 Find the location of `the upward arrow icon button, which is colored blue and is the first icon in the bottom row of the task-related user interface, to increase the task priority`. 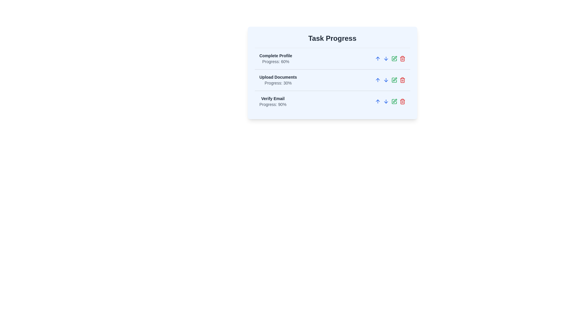

the upward arrow icon button, which is colored blue and is the first icon in the bottom row of the task-related user interface, to increase the task priority is located at coordinates (378, 101).